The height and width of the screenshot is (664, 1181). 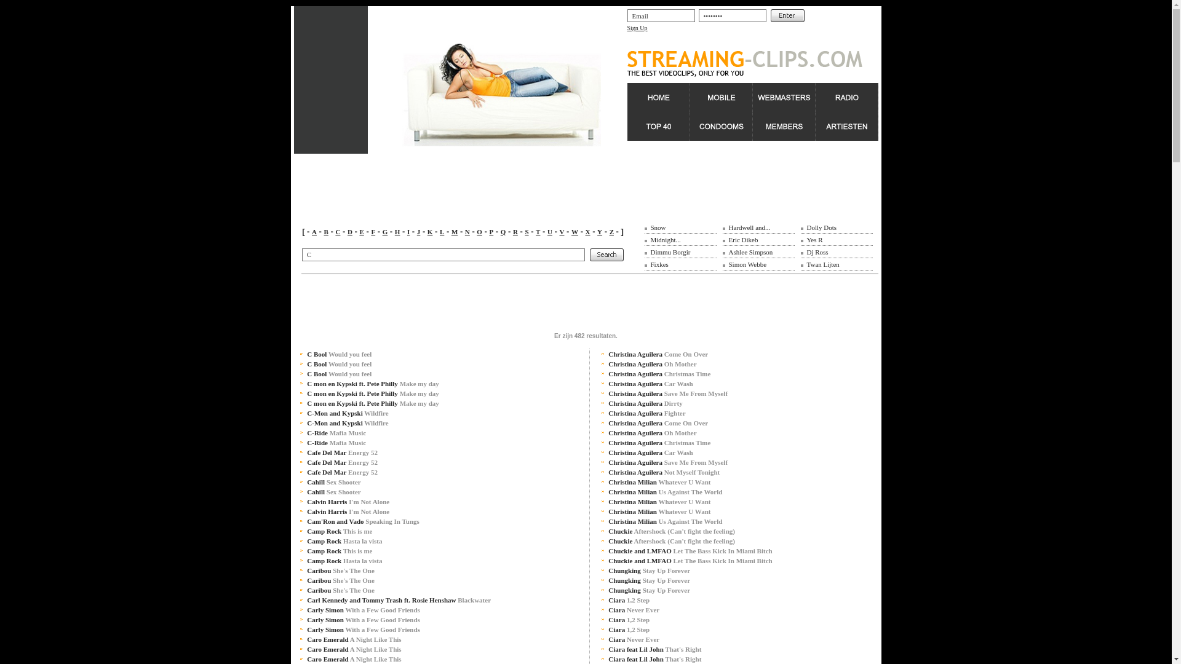 I want to click on 'Yes R', so click(x=806, y=239).